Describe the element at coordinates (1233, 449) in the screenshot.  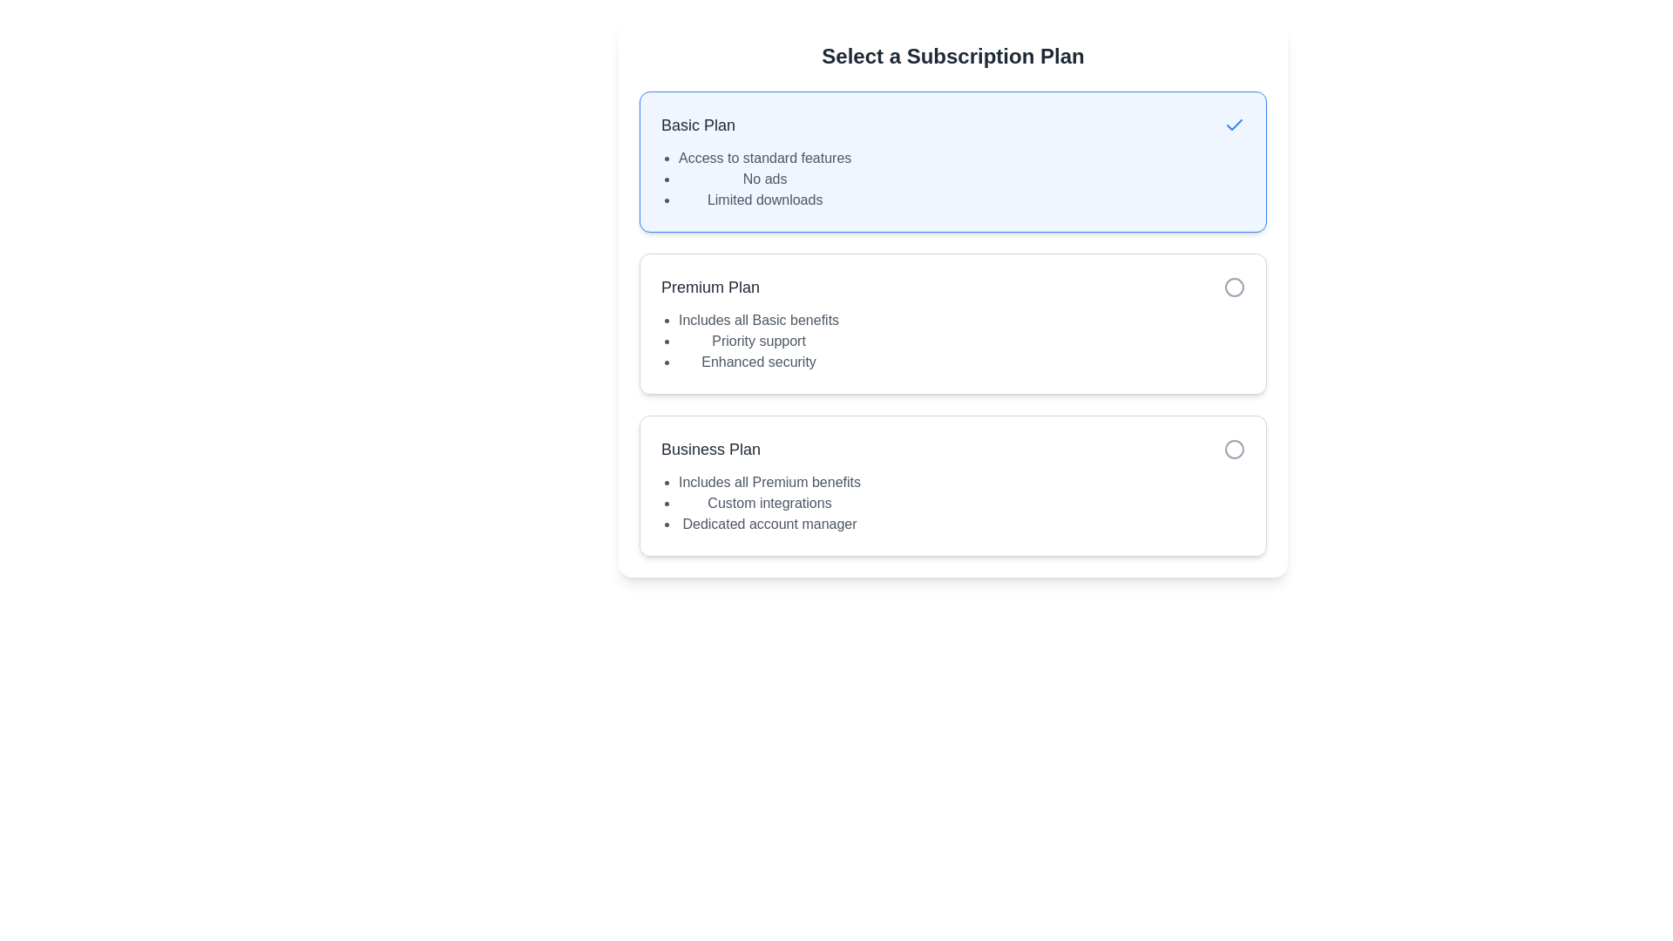
I see `the unselected radio button icon located on the right side of the 'Business Plan' option in the subscription selection interface` at that location.